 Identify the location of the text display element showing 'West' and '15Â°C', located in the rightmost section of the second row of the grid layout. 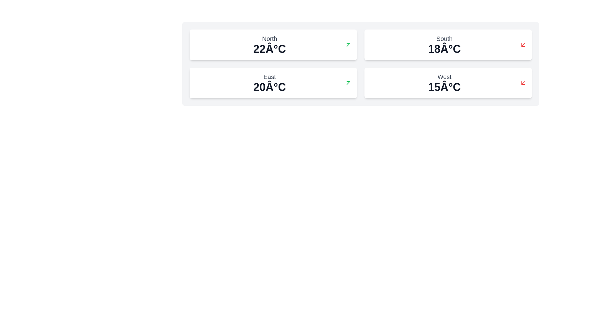
(444, 83).